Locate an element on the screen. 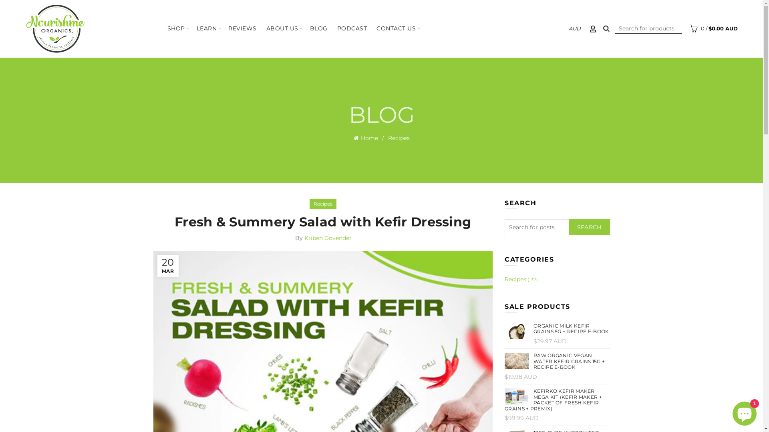 The image size is (769, 432). 'ABOUT US' is located at coordinates (282, 28).